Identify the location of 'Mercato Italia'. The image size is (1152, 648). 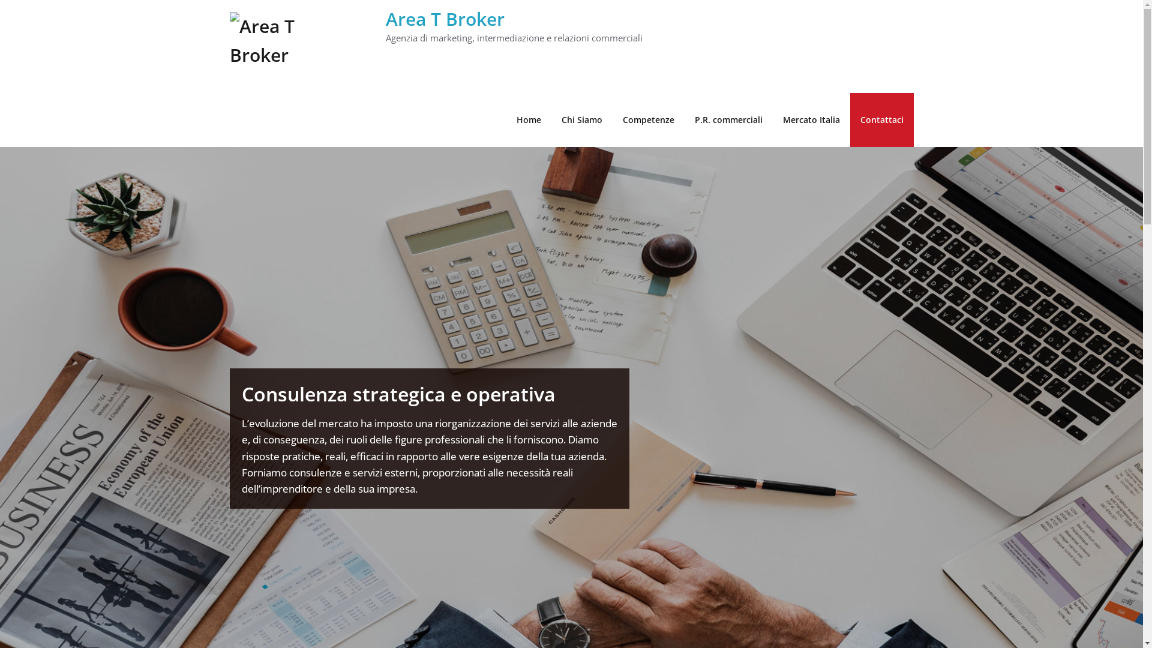
(811, 120).